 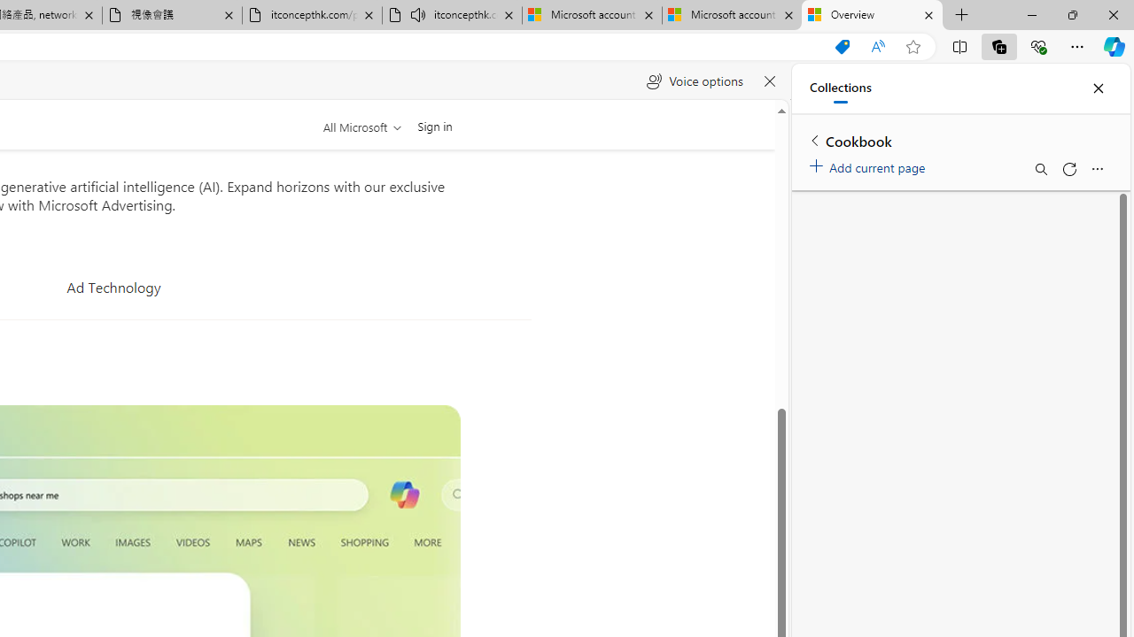 I want to click on 'Voice options', so click(x=694, y=81).